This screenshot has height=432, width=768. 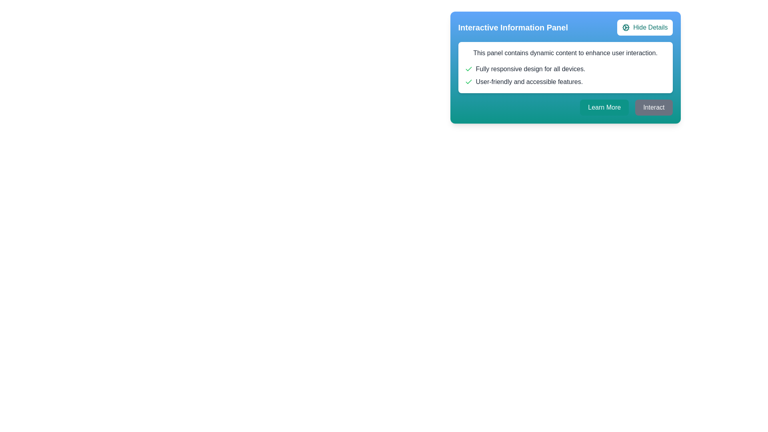 What do you see at coordinates (565, 27) in the screenshot?
I see `the cog icon for settings in the Panel Header with a blue gradient background and the button labeled 'Hide Details.'` at bounding box center [565, 27].